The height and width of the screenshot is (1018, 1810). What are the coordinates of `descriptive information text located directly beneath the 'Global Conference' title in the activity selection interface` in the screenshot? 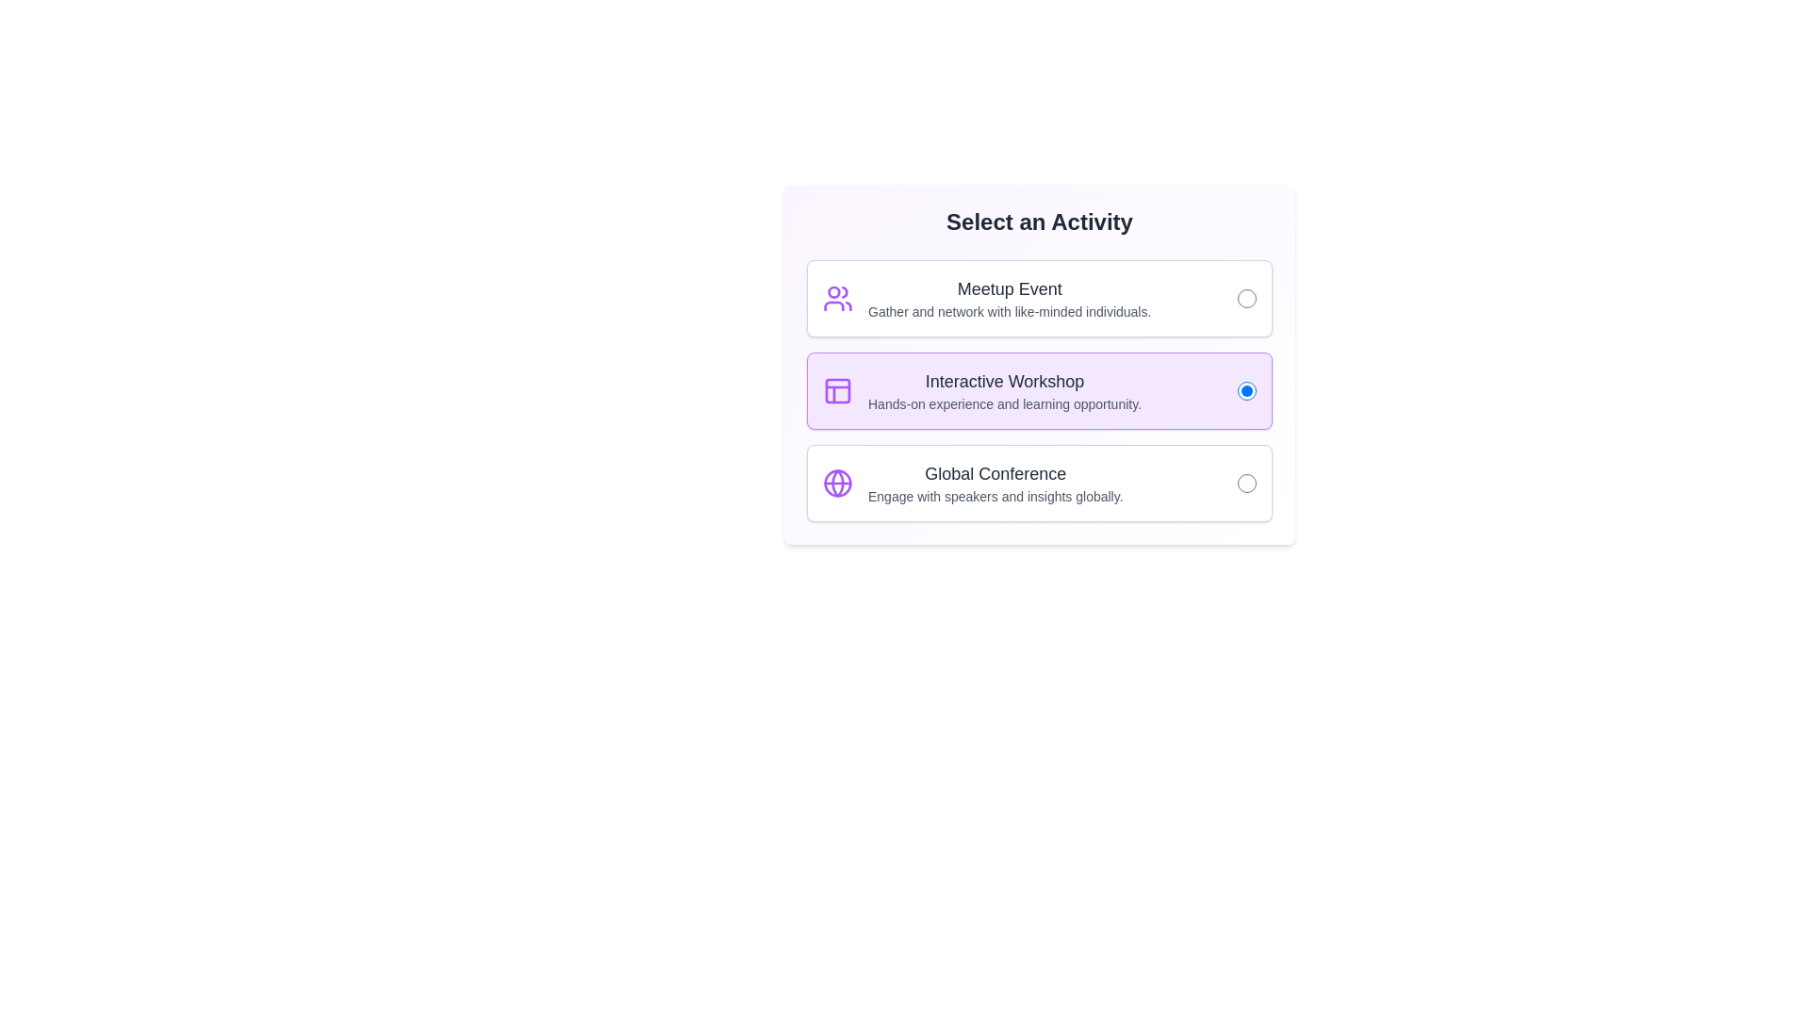 It's located at (995, 496).